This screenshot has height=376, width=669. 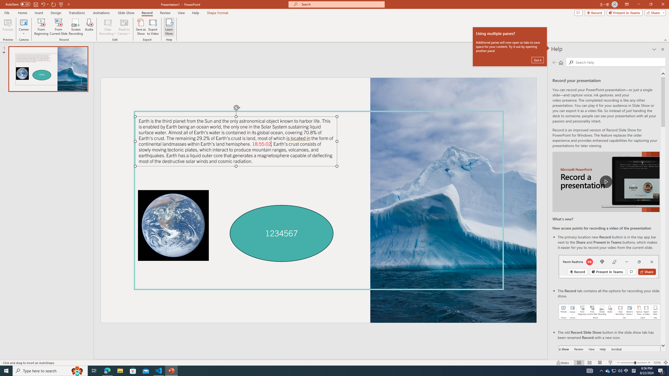 What do you see at coordinates (59, 27) in the screenshot?
I see `'From Current Slide...'` at bounding box center [59, 27].